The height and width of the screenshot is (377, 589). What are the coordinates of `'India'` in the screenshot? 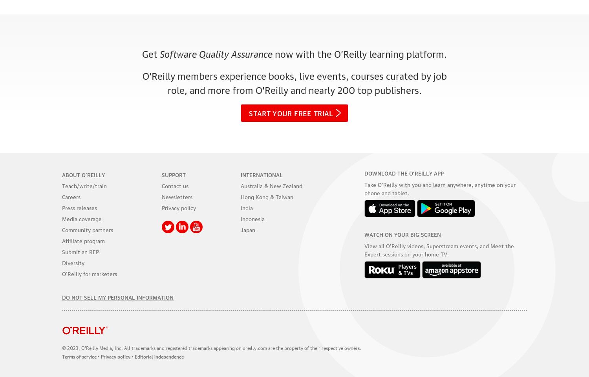 It's located at (247, 207).